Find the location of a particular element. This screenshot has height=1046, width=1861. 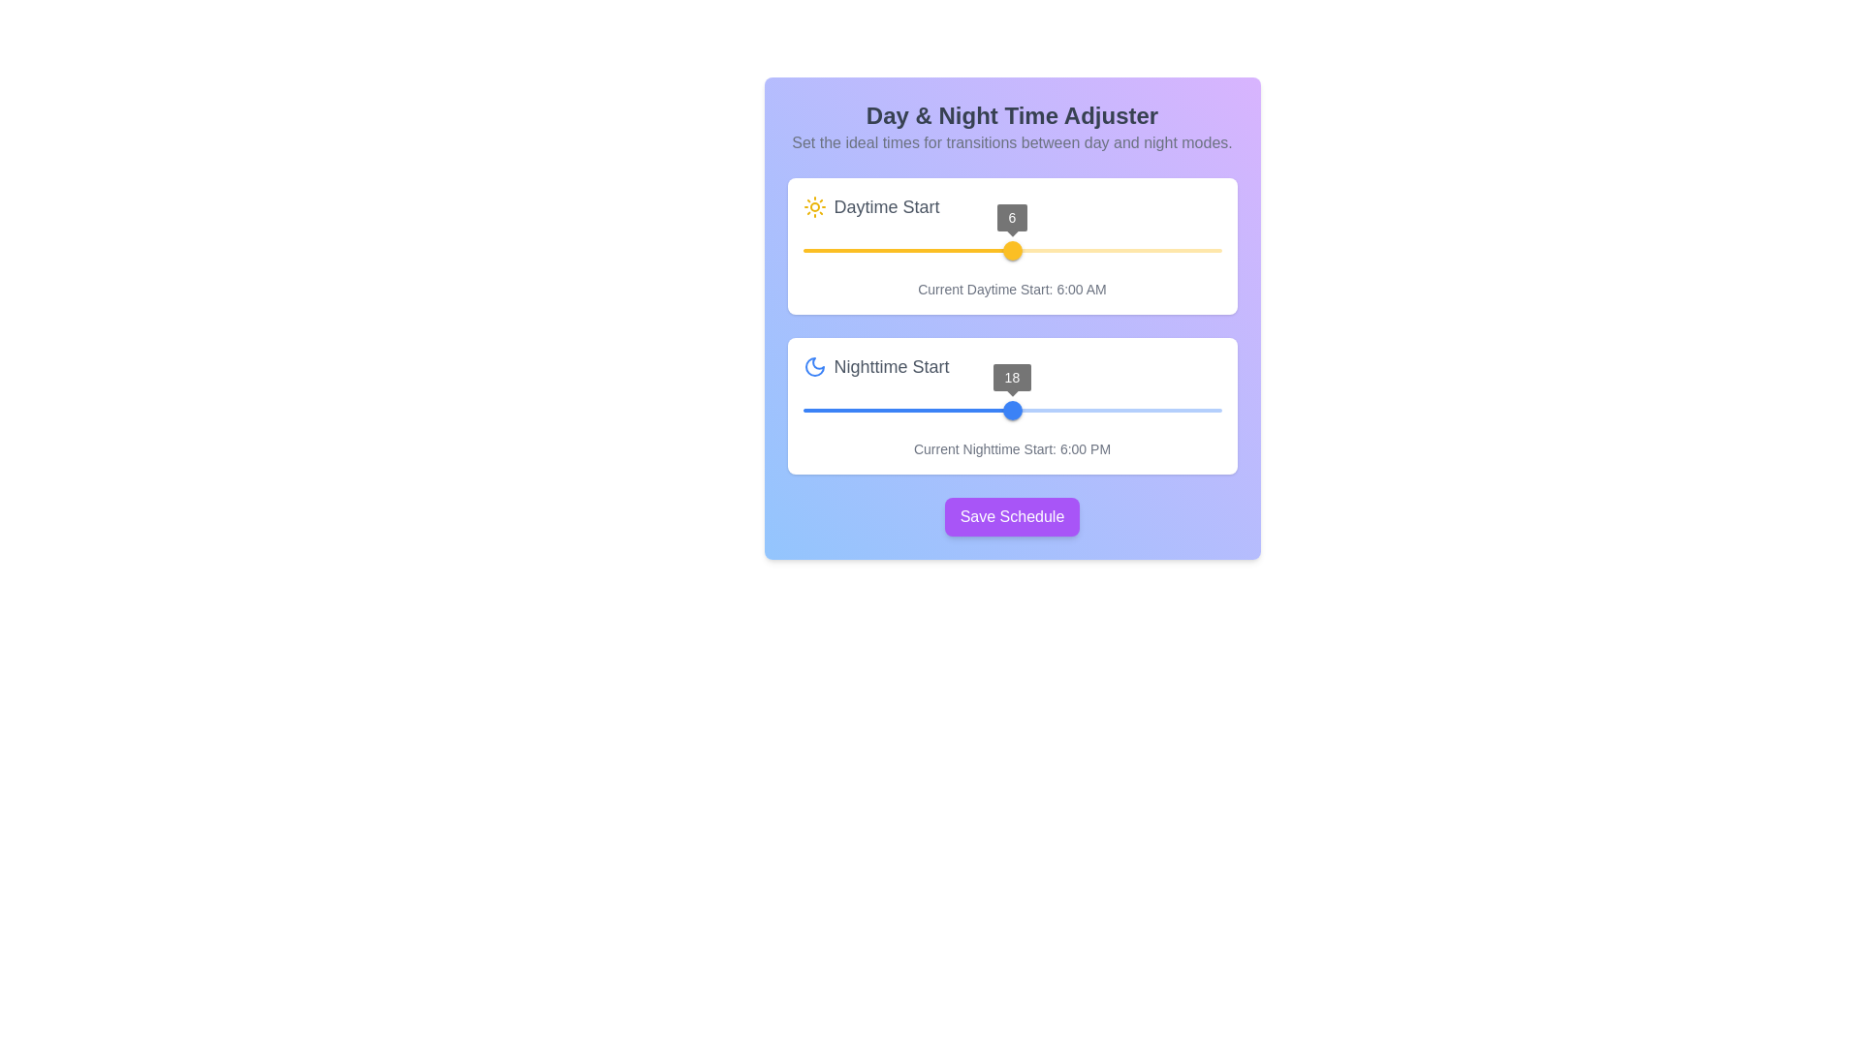

the Daytime Start slider is located at coordinates (1014, 249).